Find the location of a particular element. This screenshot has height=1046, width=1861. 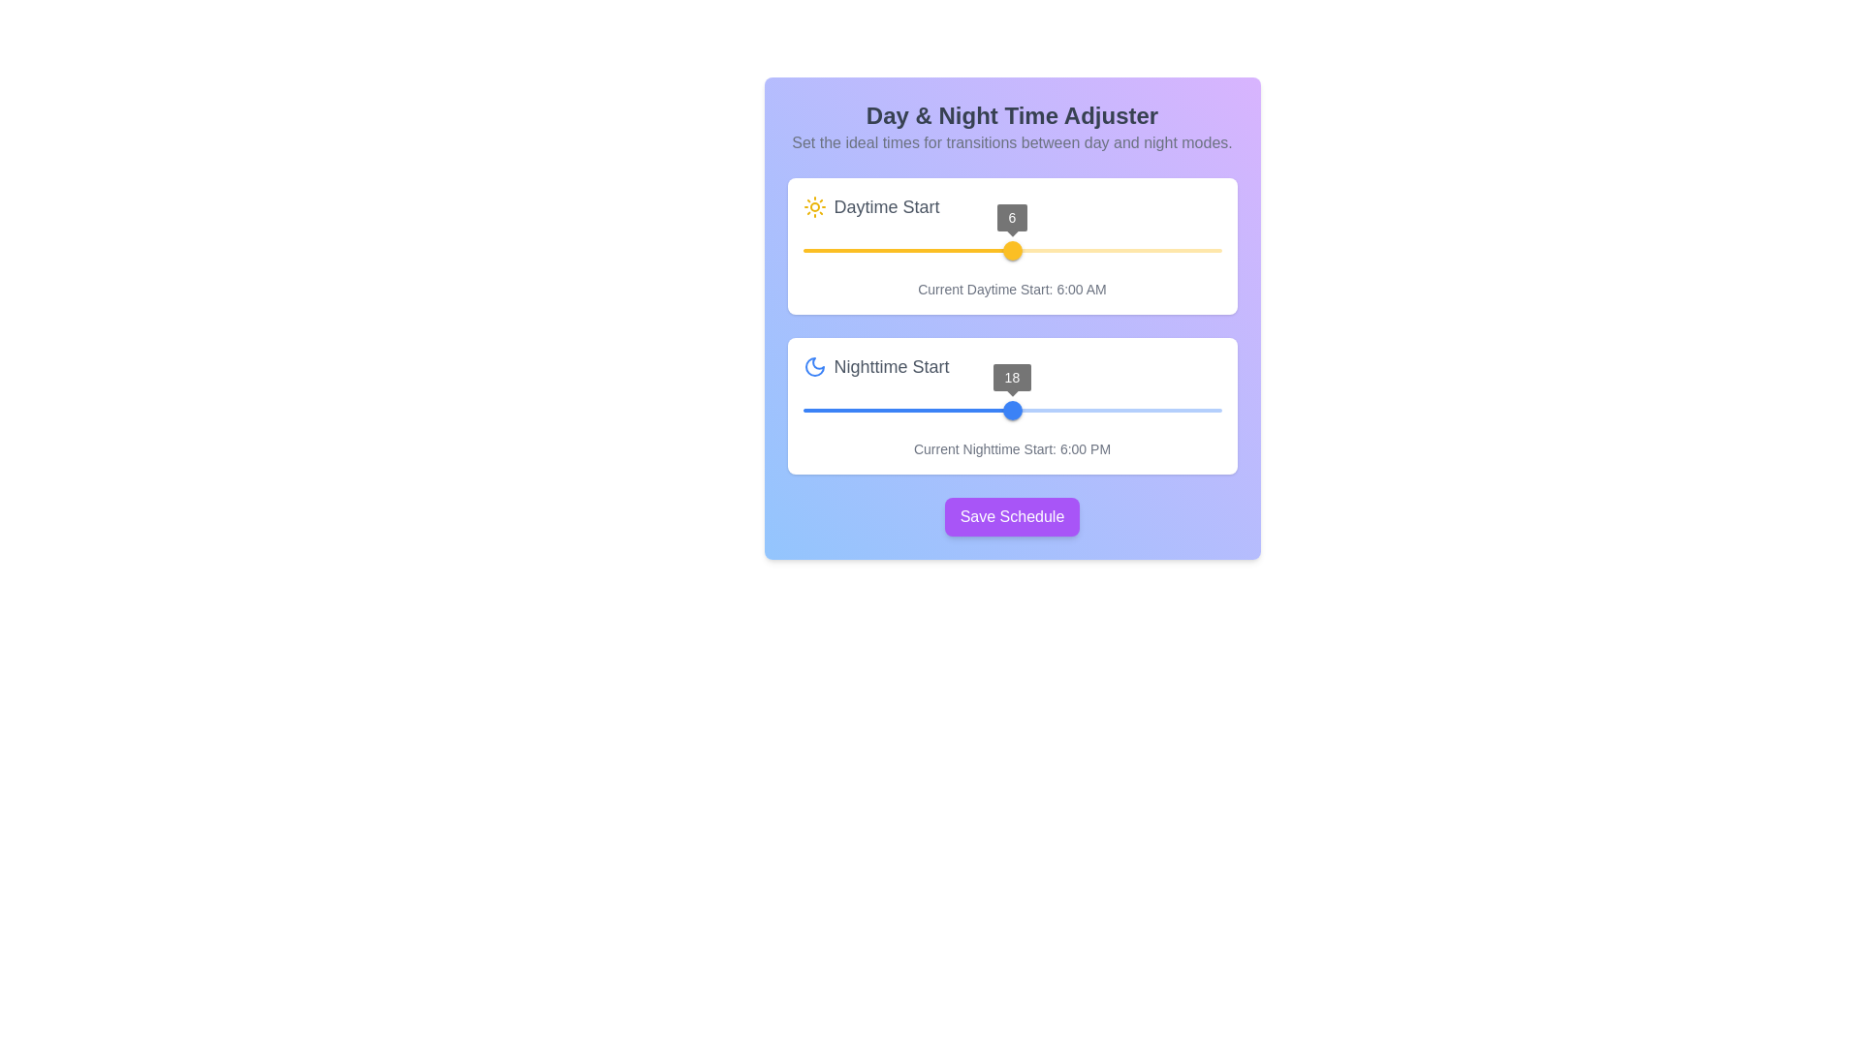

the Daytime Start slider is located at coordinates (1014, 249).